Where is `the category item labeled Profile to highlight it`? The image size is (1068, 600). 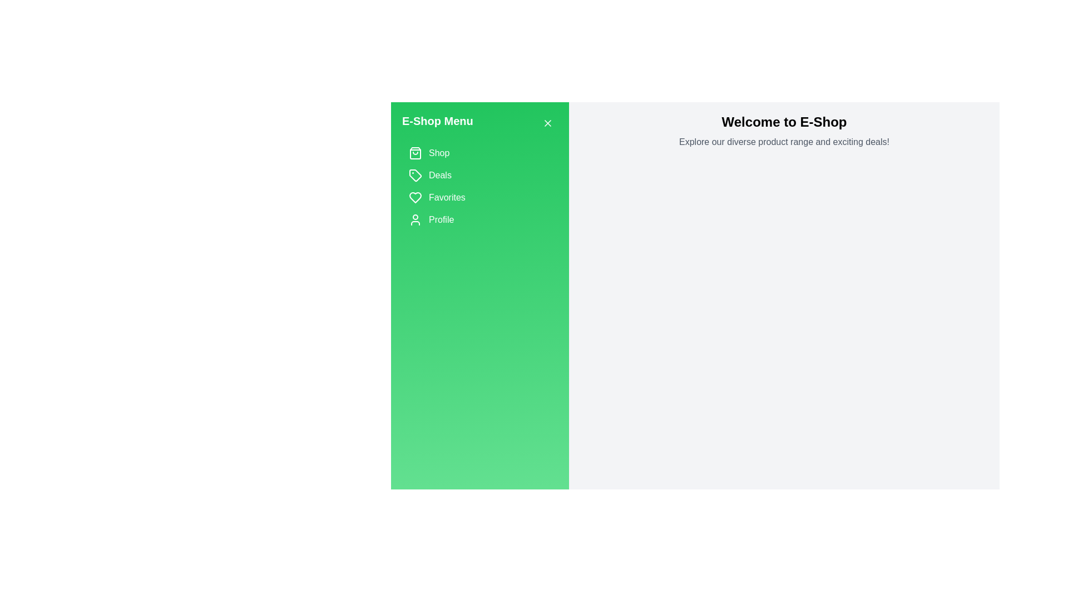 the category item labeled Profile to highlight it is located at coordinates (480, 220).